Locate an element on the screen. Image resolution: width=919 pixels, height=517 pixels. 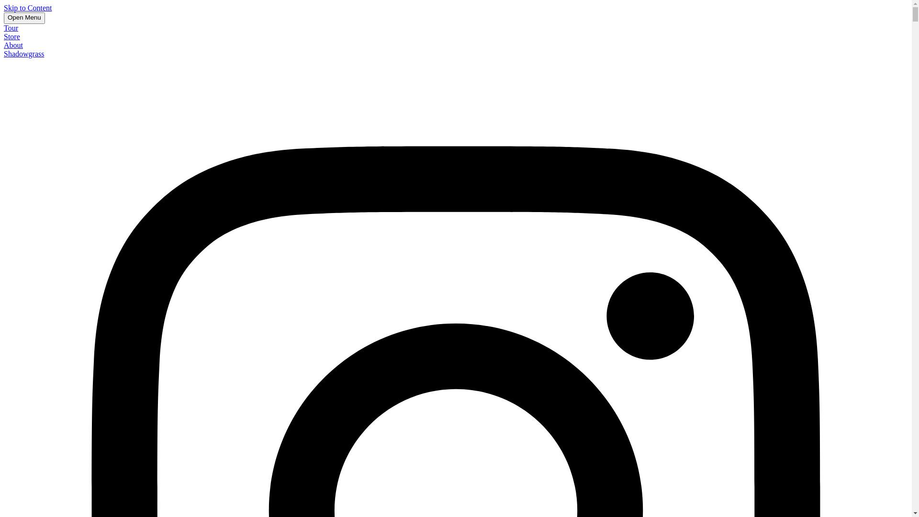
'Open Menu' is located at coordinates (24, 18).